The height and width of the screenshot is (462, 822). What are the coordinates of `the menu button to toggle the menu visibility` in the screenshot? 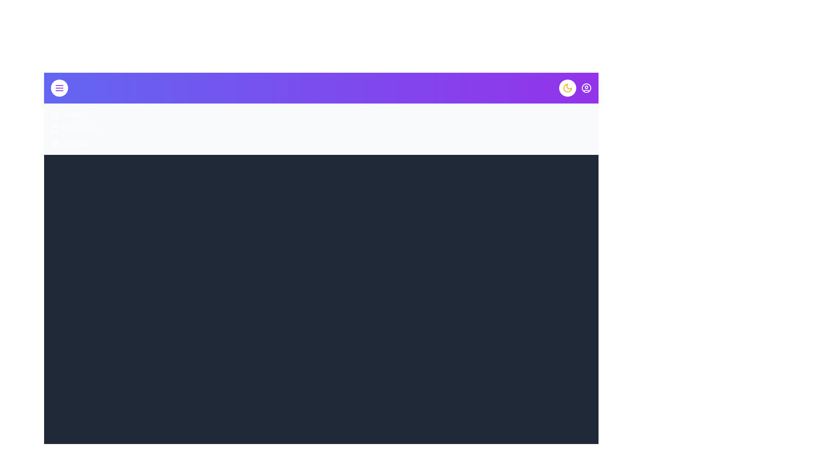 It's located at (59, 88).